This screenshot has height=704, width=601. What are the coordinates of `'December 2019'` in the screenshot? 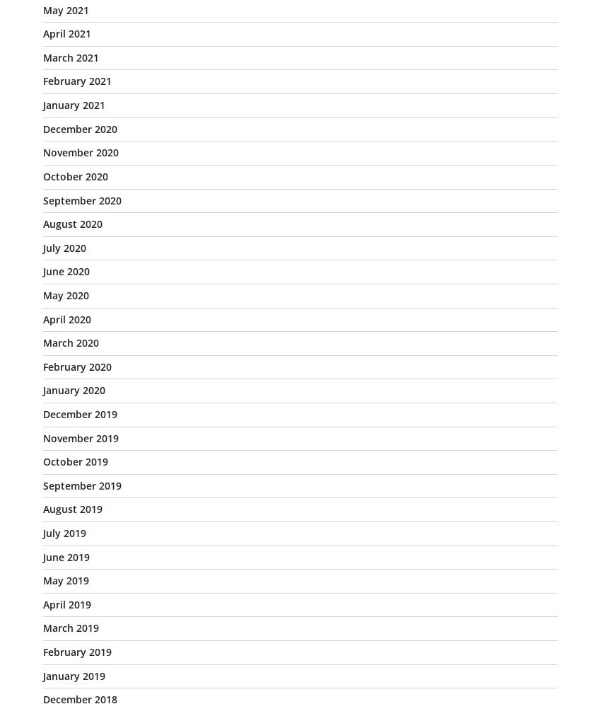 It's located at (79, 412).